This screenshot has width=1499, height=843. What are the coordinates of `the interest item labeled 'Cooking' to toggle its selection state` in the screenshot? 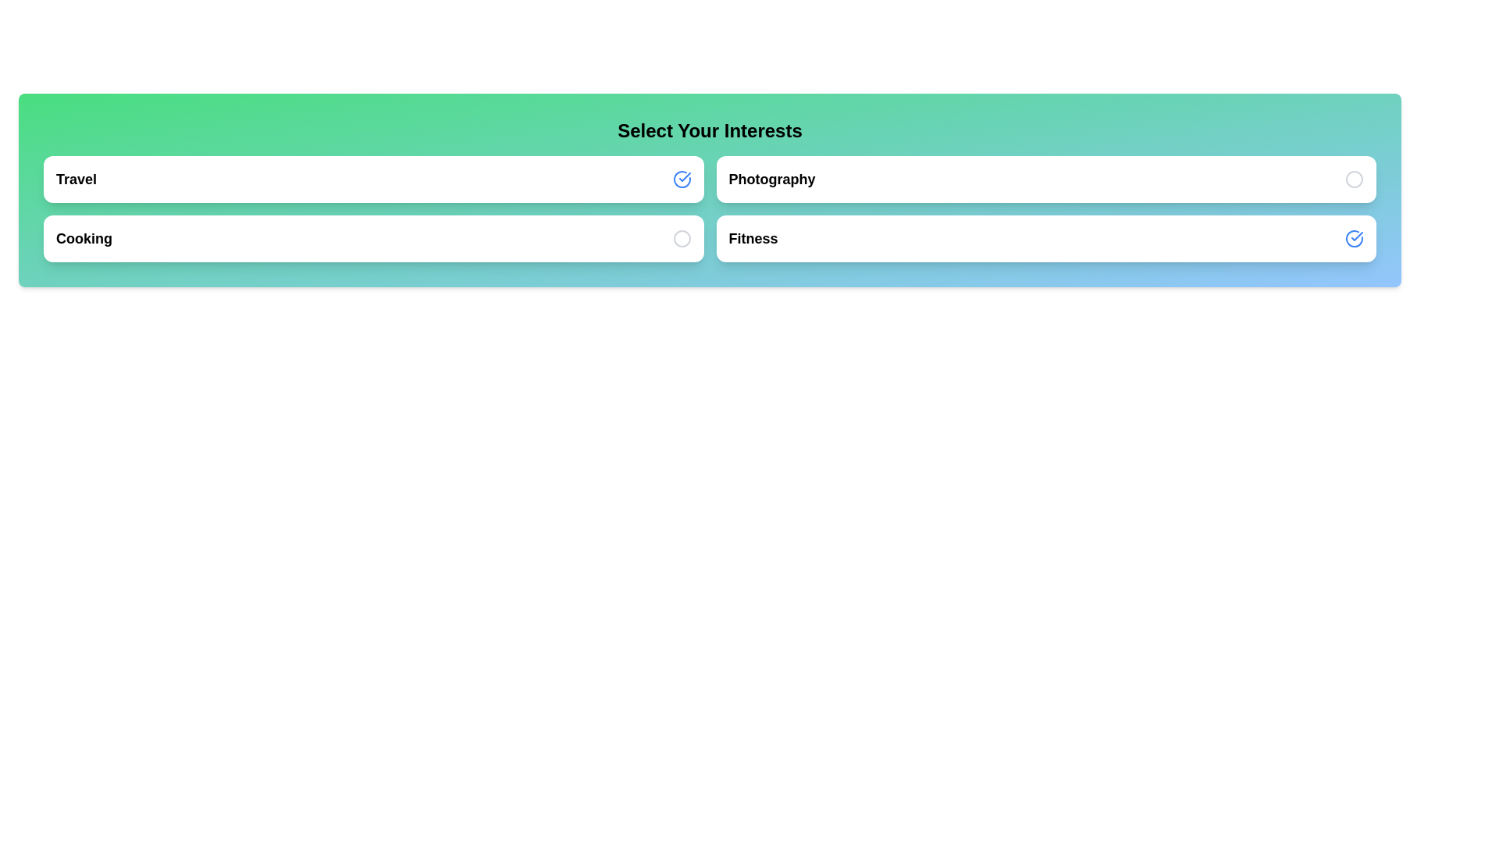 It's located at (372, 238).